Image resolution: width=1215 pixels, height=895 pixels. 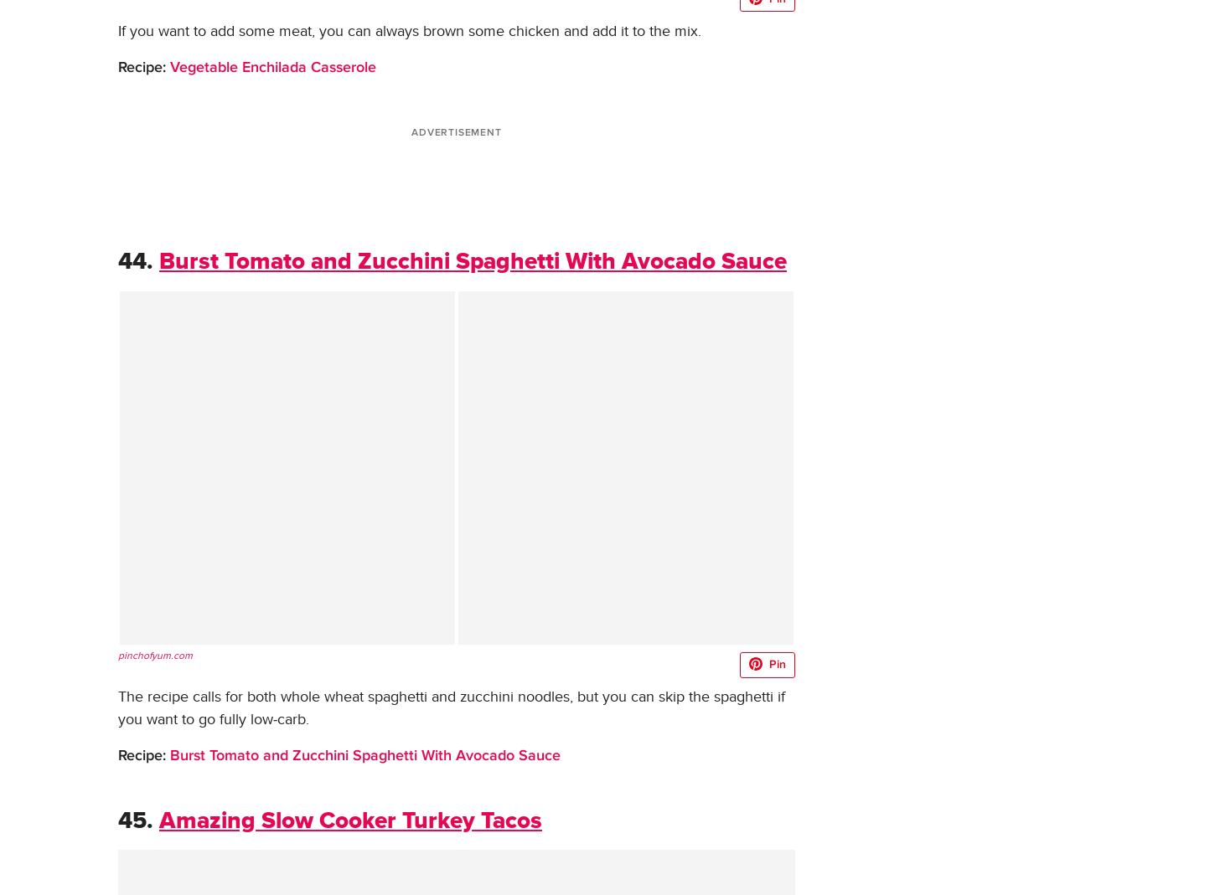 What do you see at coordinates (409, 29) in the screenshot?
I see `'If you want to add some meat, you can always brown some chicken and add it to the mix.'` at bounding box center [409, 29].